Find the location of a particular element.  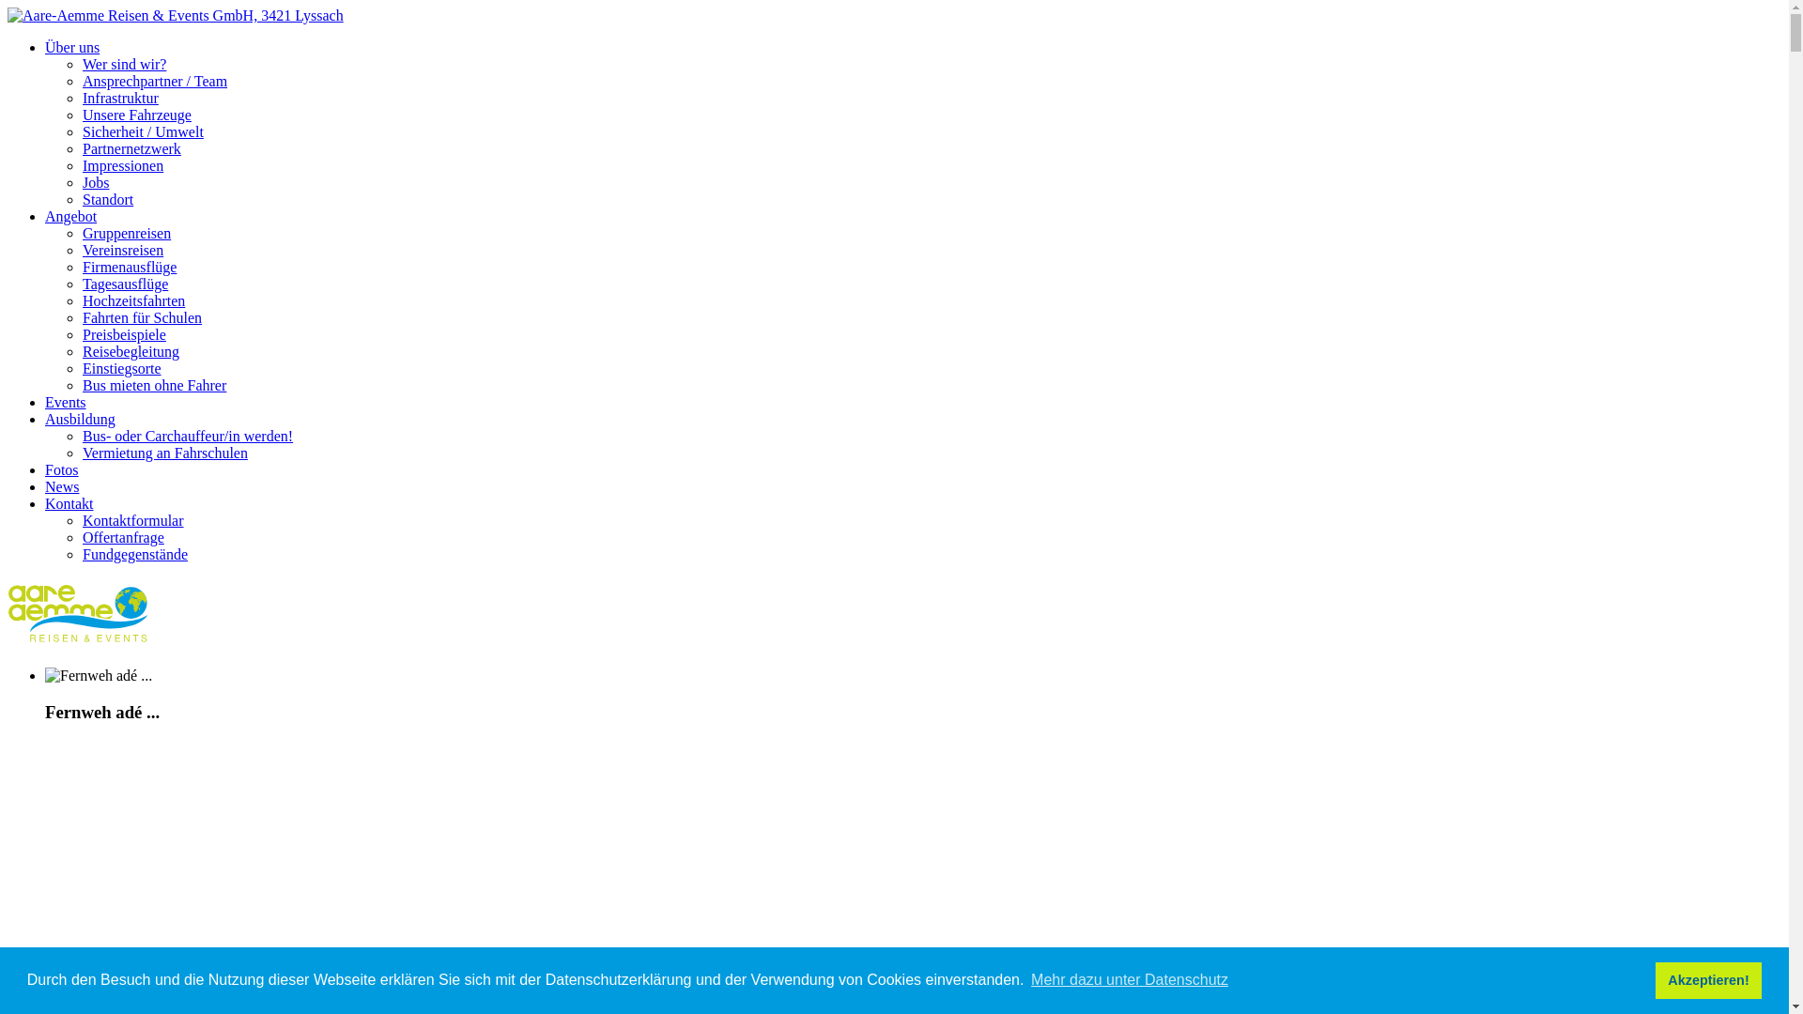

'Infrastruktur' is located at coordinates (119, 98).